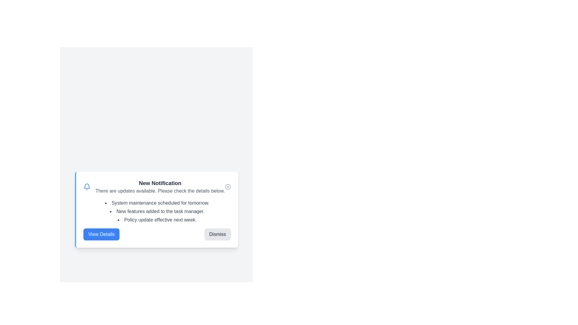 Image resolution: width=578 pixels, height=325 pixels. What do you see at coordinates (101, 234) in the screenshot?
I see `'View Details' button to learn more about the updates` at bounding box center [101, 234].